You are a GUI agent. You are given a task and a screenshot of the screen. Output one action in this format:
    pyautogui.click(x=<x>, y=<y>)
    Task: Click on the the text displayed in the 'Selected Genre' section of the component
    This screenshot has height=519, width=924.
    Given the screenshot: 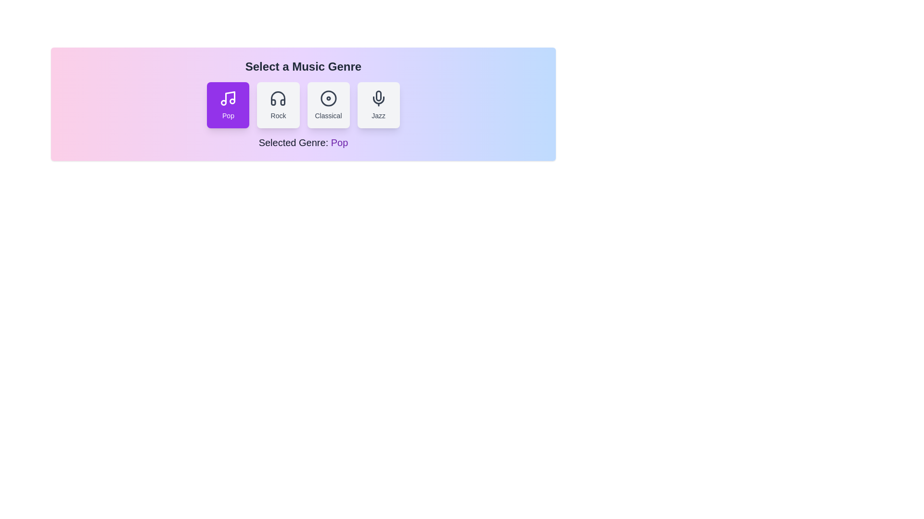 What is the action you would take?
    pyautogui.click(x=303, y=143)
    